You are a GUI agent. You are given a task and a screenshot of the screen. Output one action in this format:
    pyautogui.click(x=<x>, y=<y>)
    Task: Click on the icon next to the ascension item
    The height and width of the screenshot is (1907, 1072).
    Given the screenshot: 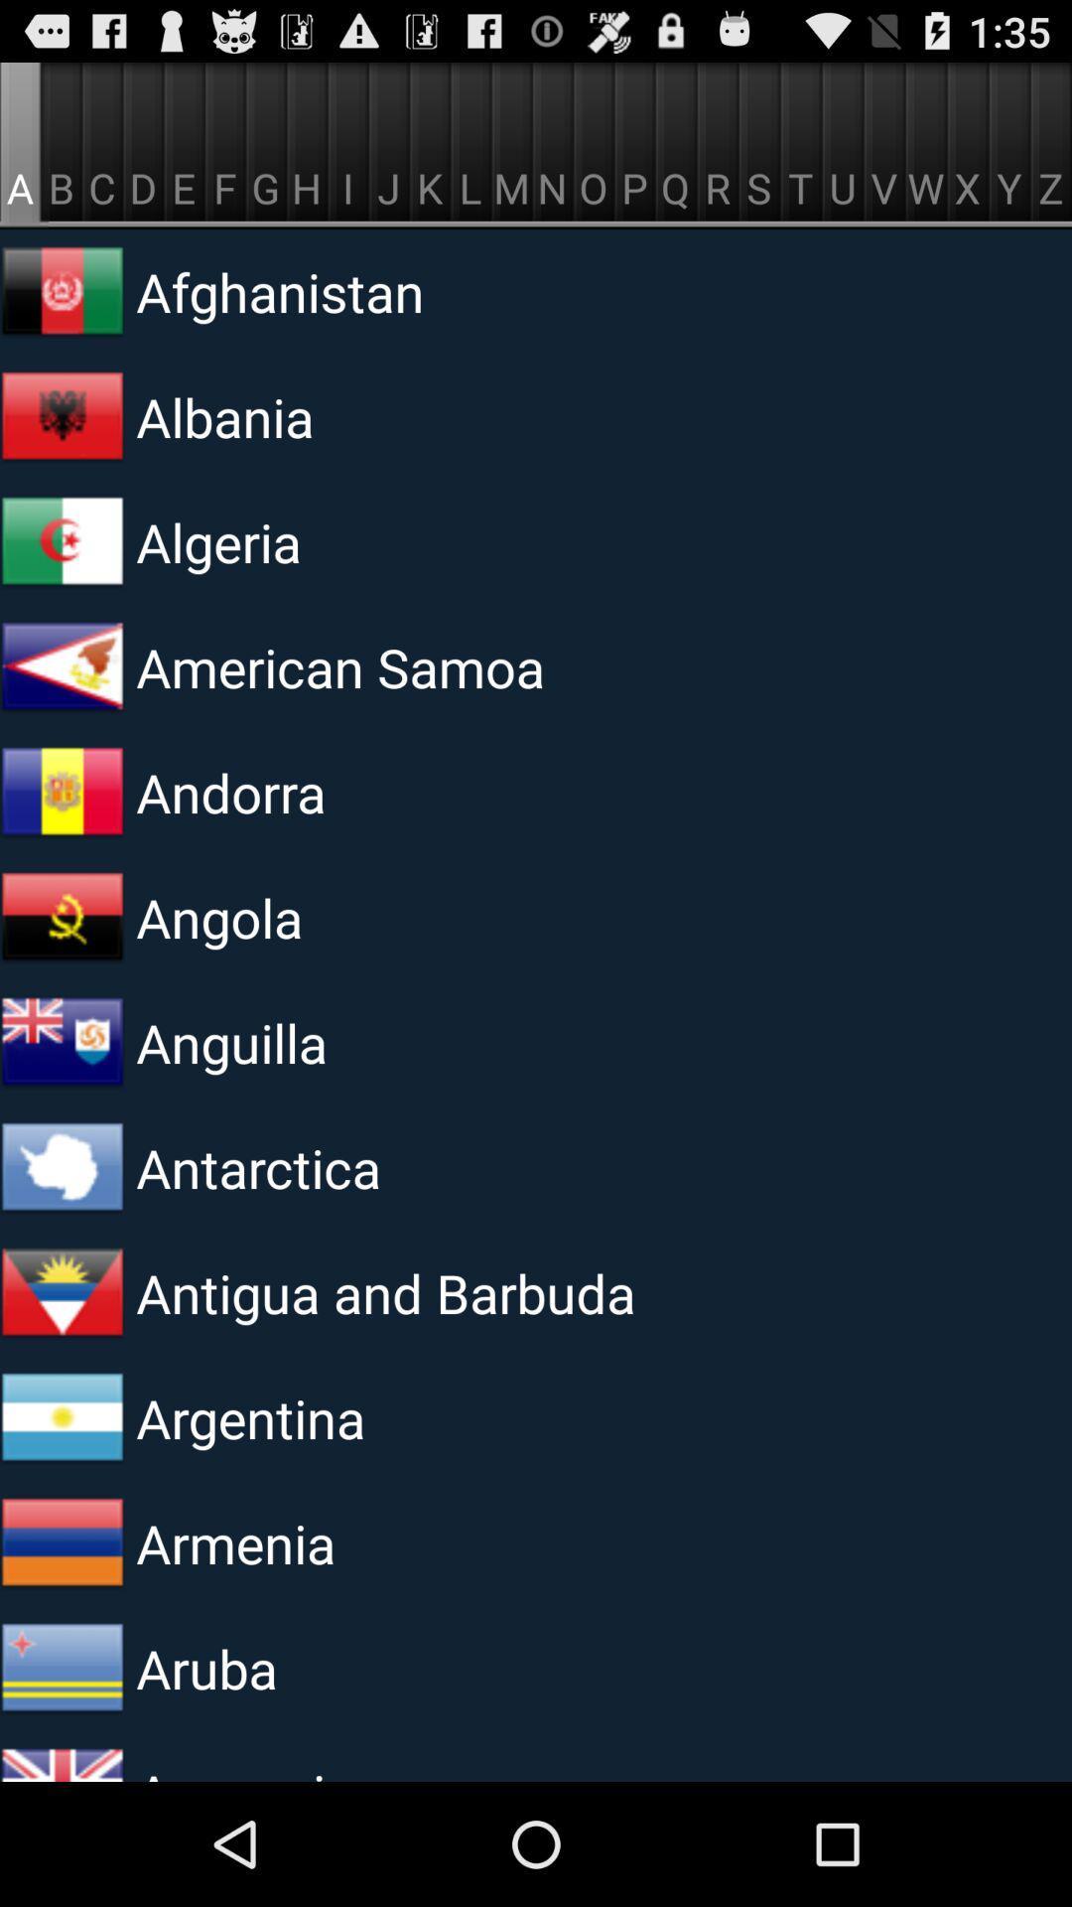 What is the action you would take?
    pyautogui.click(x=61, y=1756)
    